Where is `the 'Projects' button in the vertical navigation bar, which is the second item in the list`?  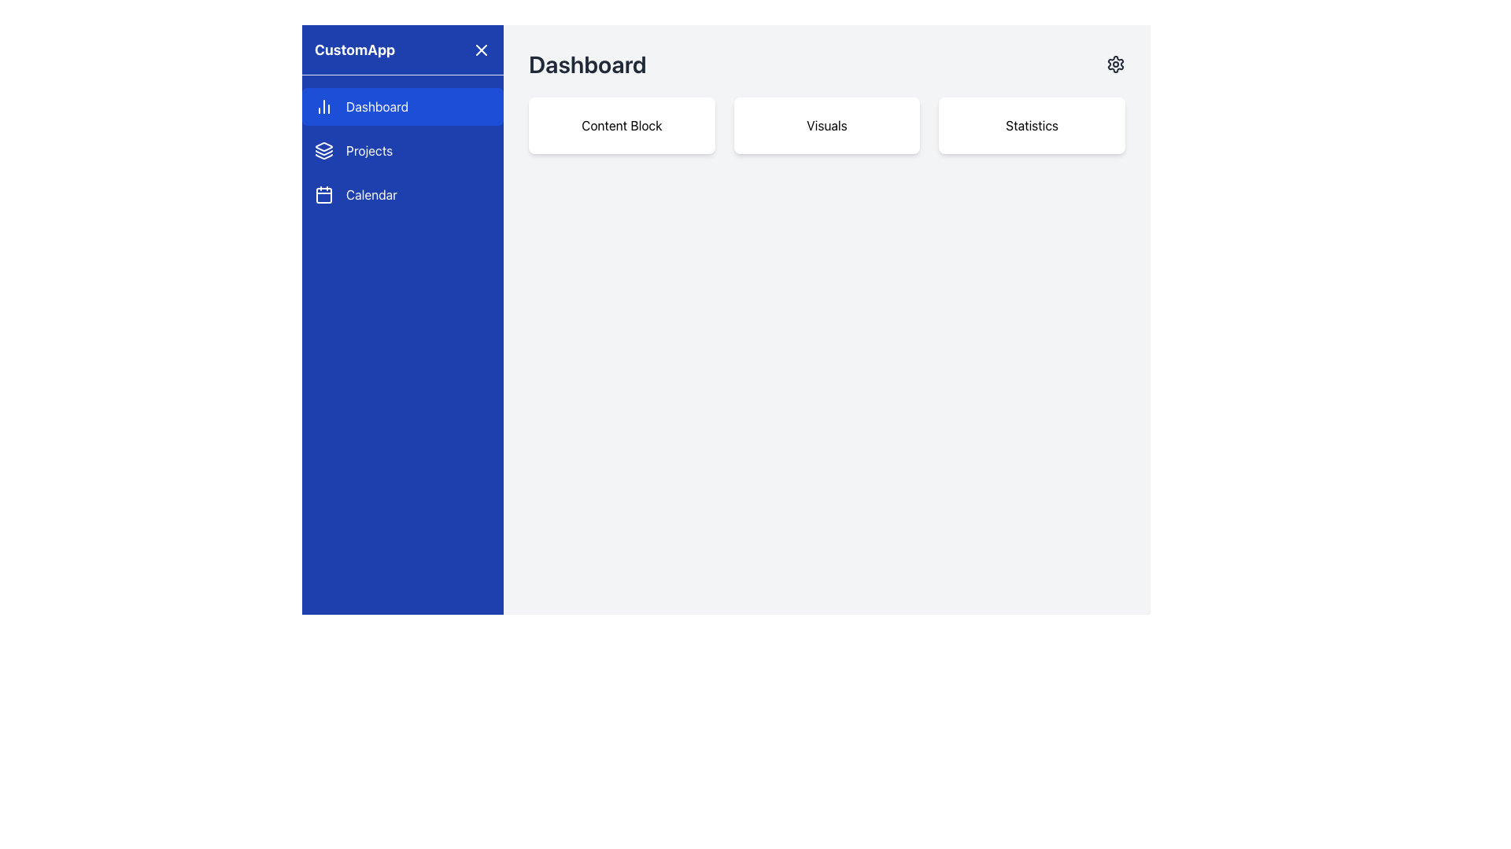
the 'Projects' button in the vertical navigation bar, which is the second item in the list is located at coordinates (403, 151).